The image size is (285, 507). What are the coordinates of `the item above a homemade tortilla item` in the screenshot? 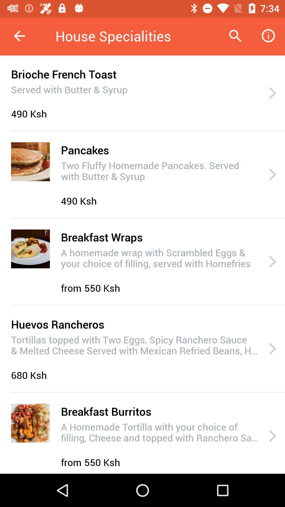 It's located at (106, 411).